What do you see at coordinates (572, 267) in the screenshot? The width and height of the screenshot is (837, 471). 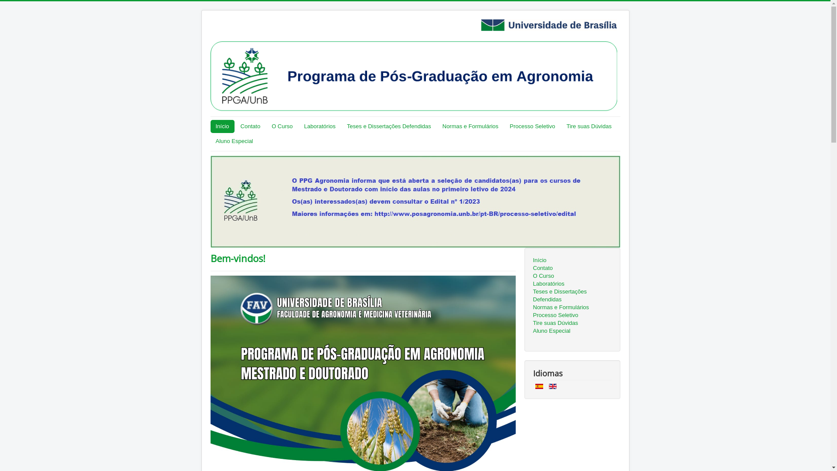 I see `'Contato'` at bounding box center [572, 267].